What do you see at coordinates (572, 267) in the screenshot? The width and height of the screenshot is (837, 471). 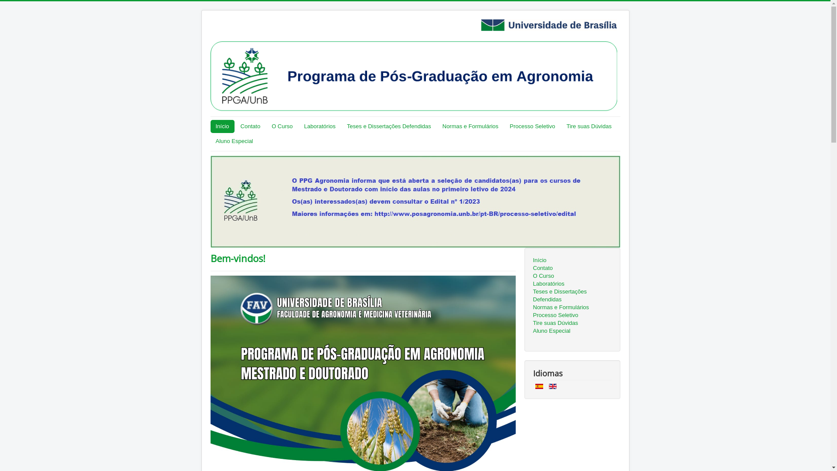 I see `'Contato'` at bounding box center [572, 267].